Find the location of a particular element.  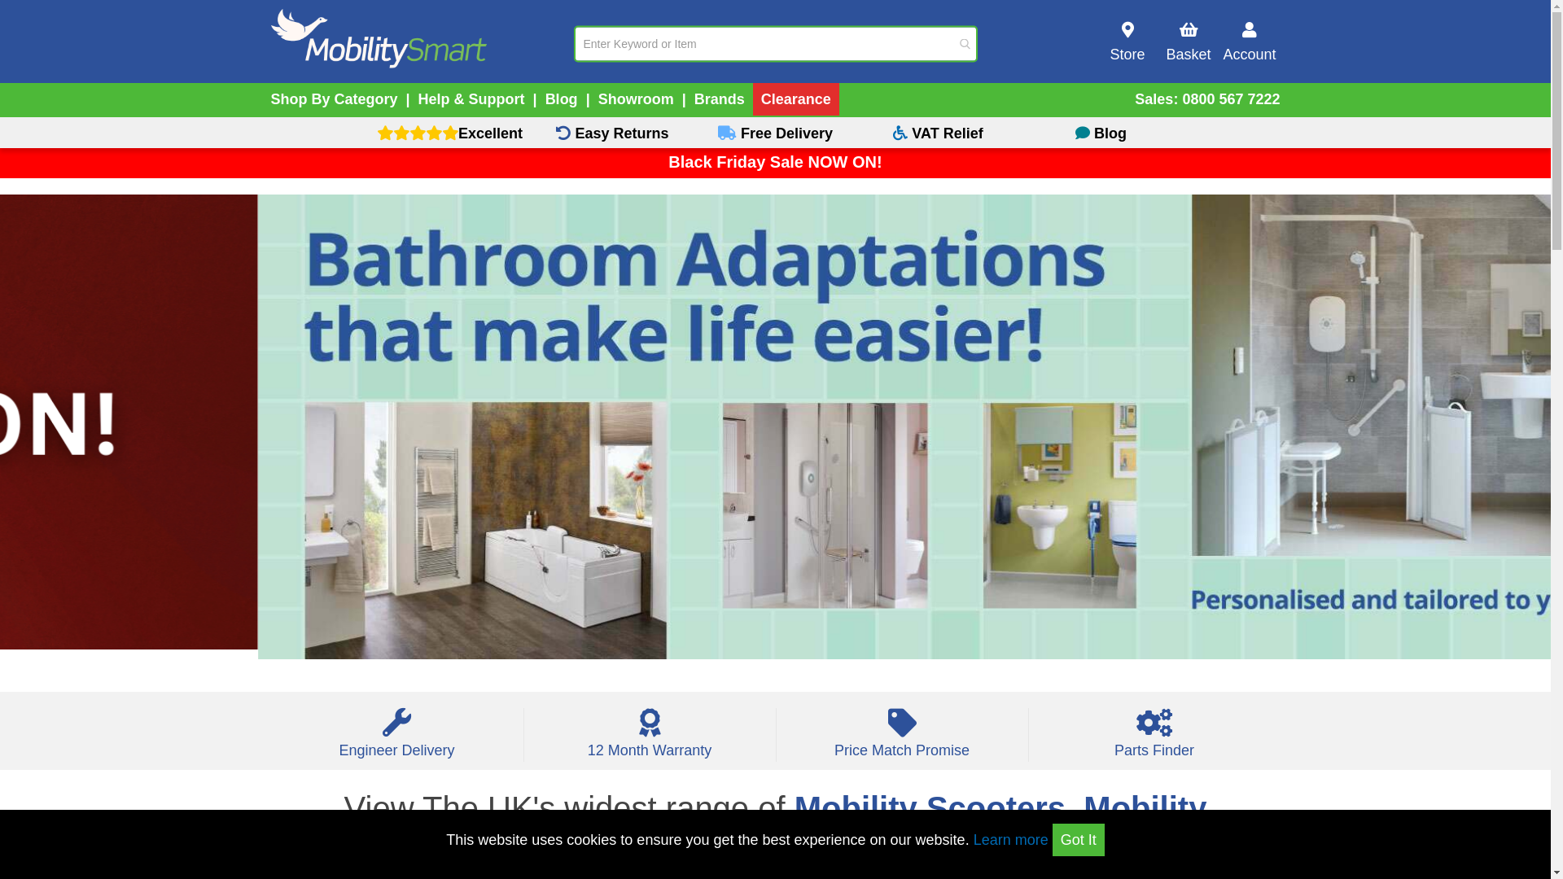

'Mobility Smart' is located at coordinates (269, 38).